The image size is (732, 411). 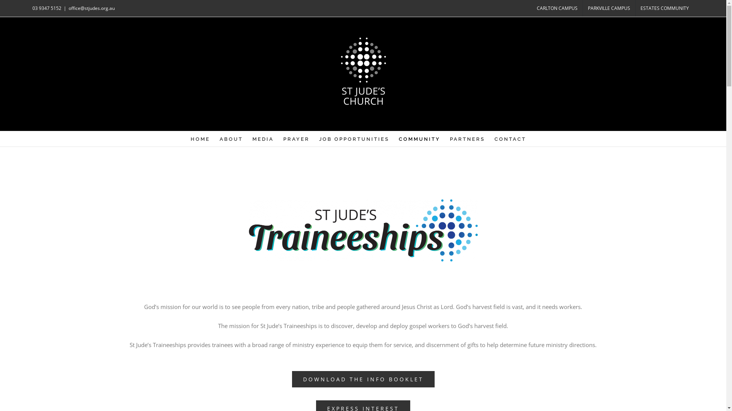 What do you see at coordinates (252, 139) in the screenshot?
I see `'MEDIA'` at bounding box center [252, 139].